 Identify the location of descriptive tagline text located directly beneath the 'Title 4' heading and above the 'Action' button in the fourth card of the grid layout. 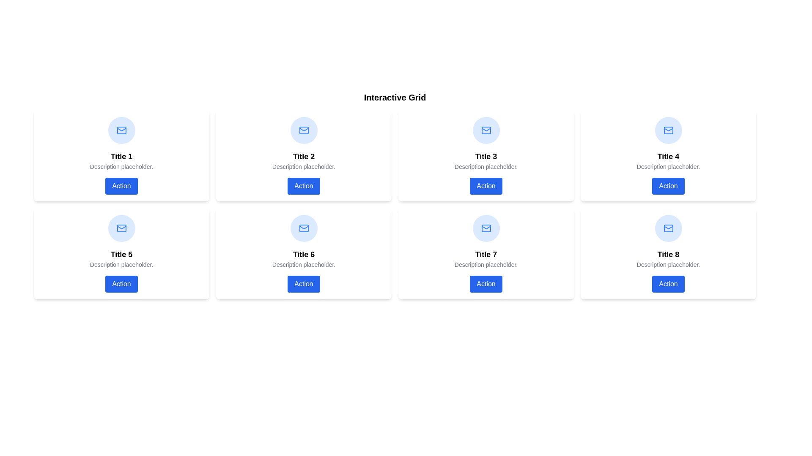
(668, 166).